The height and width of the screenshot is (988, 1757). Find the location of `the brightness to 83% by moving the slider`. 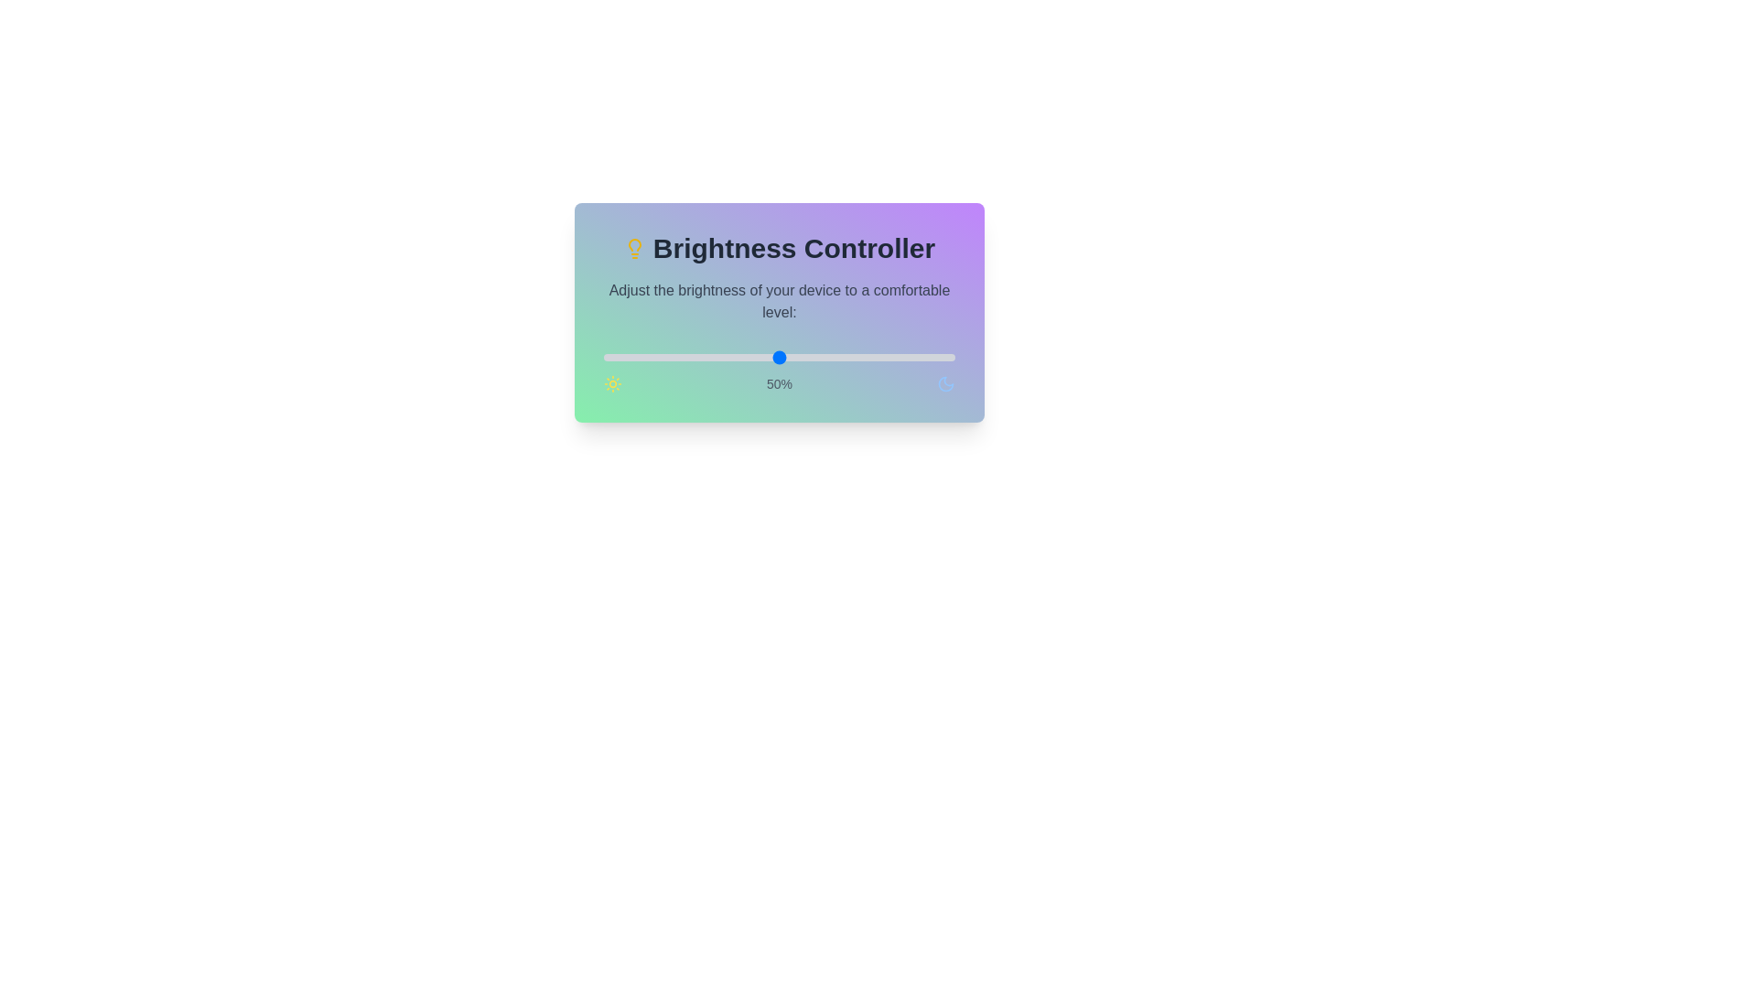

the brightness to 83% by moving the slider is located at coordinates (895, 357).